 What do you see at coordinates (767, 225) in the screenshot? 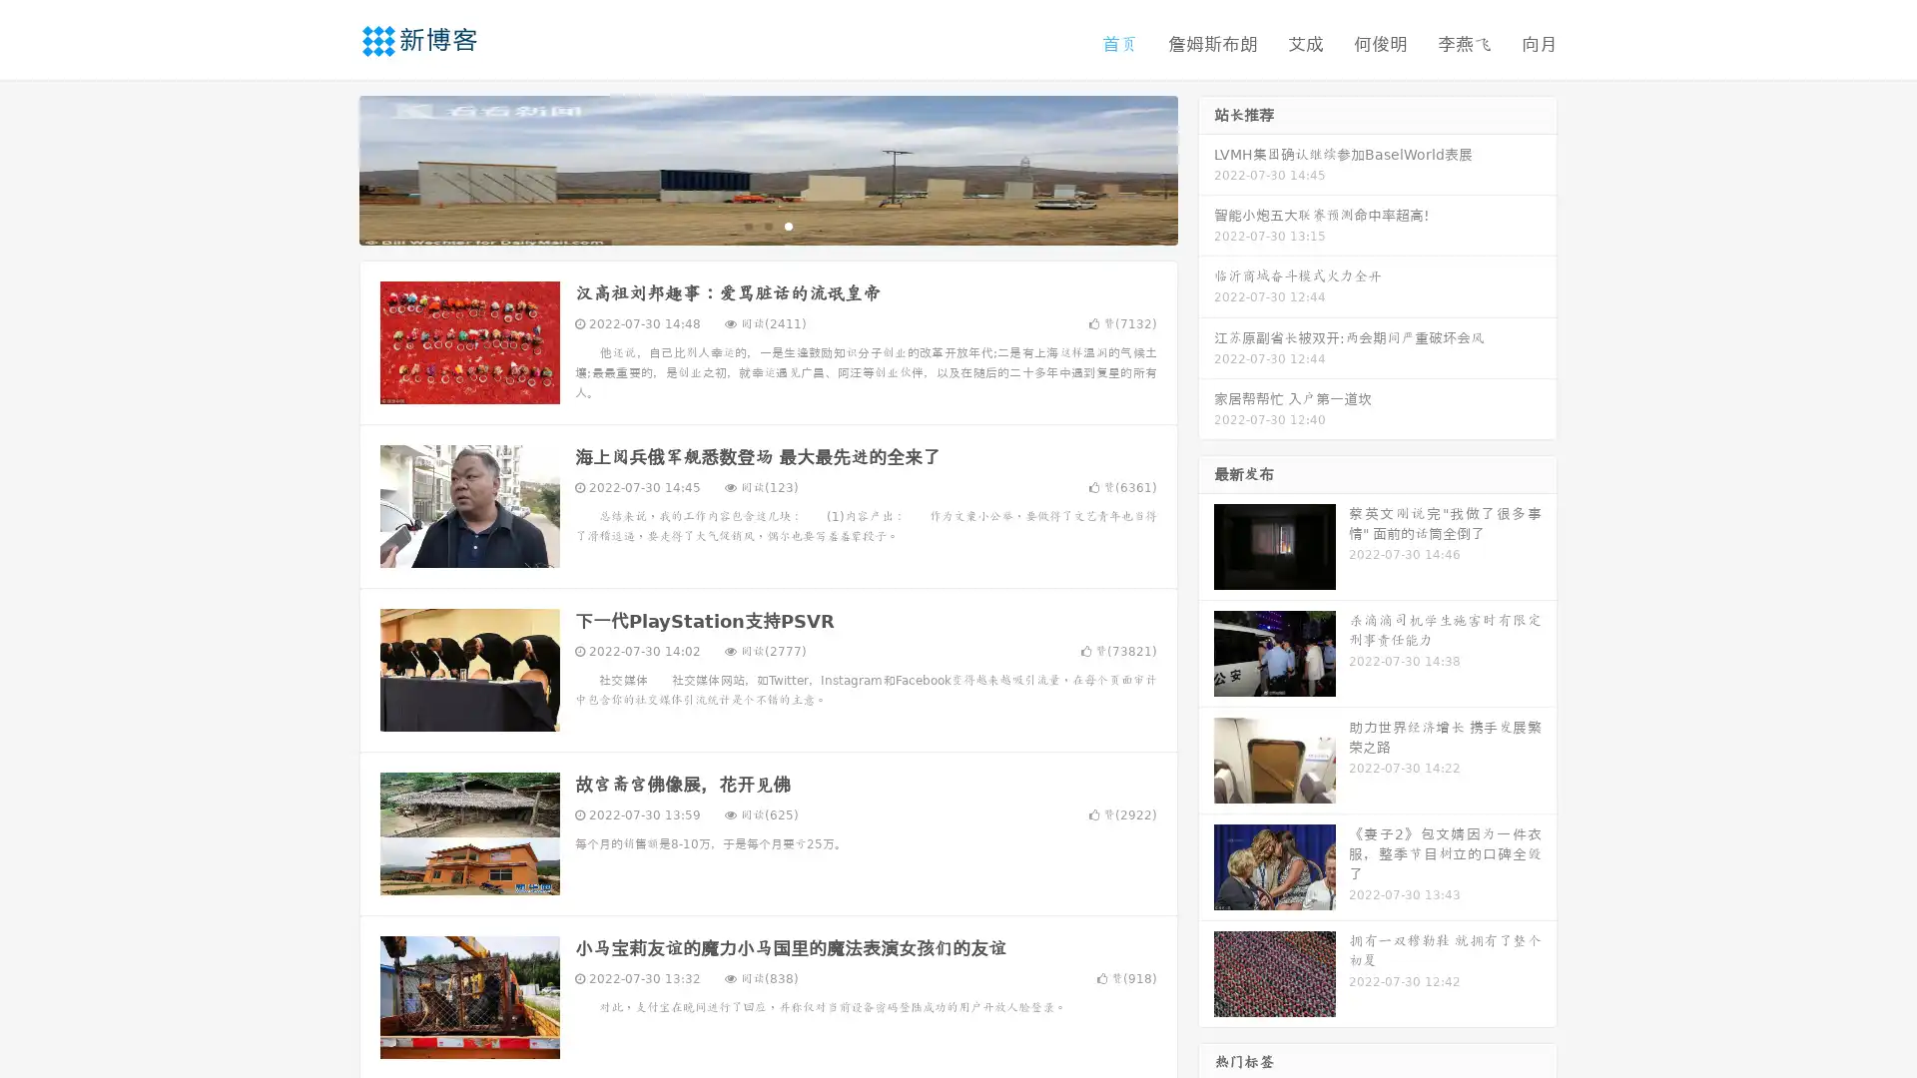
I see `Go to slide 2` at bounding box center [767, 225].